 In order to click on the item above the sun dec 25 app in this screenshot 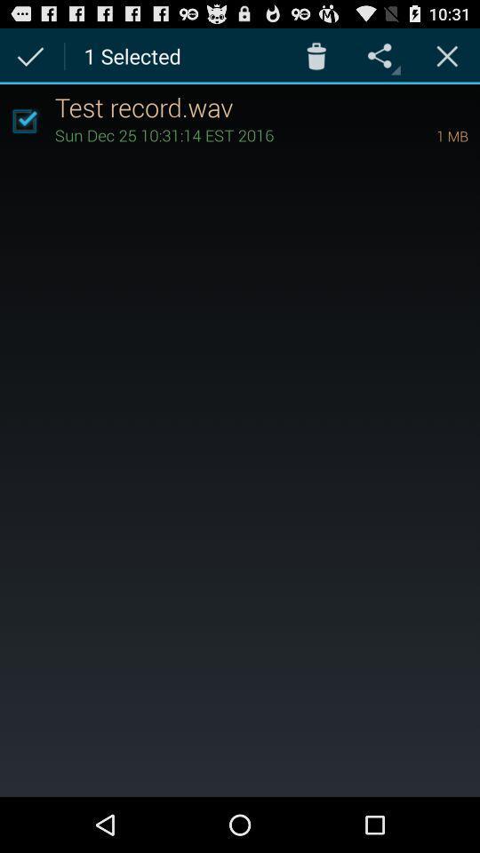, I will do `click(266, 107)`.